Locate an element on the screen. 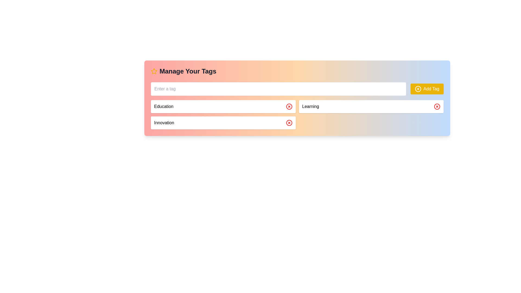 The height and width of the screenshot is (293, 521). the decorative icon located in the top-left corner of the 'Manage Your Tags' form card, which represents the section's theme or content related to tags or highlights is located at coordinates (154, 71).